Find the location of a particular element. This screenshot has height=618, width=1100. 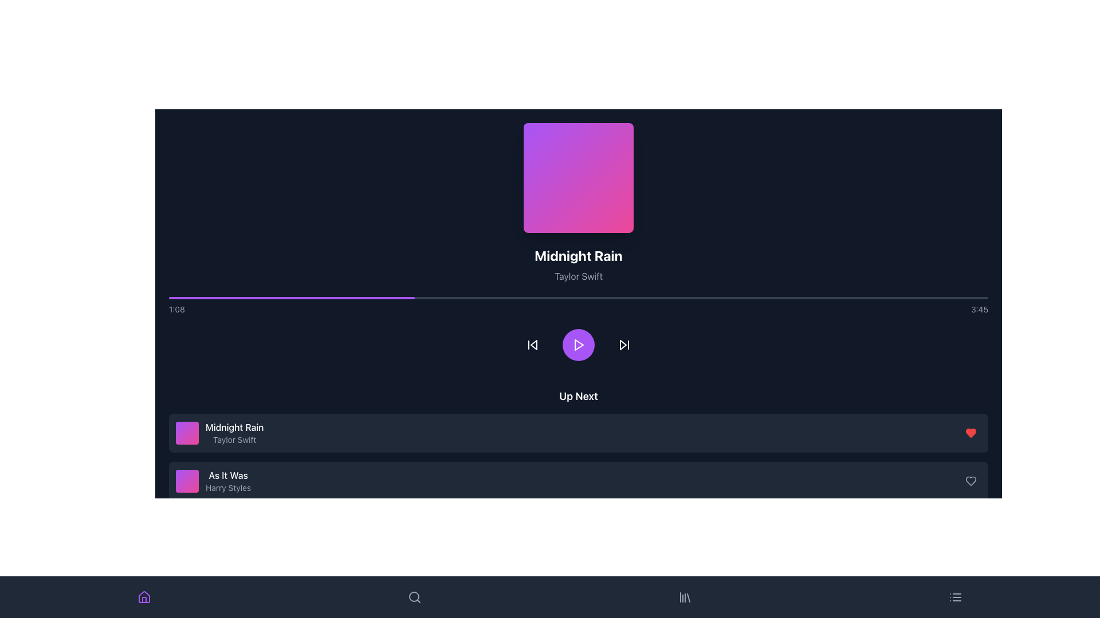

text from the second entry in the 'Up Next' list, which displays 'As It Was' by 'Harry Styles' is located at coordinates (228, 481).